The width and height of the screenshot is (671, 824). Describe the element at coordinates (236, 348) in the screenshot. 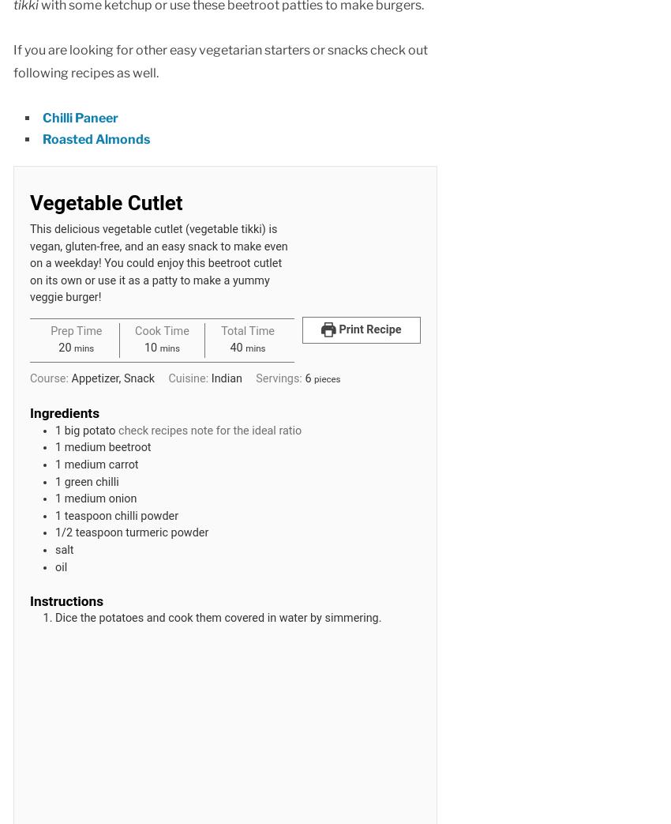

I see `'40'` at that location.